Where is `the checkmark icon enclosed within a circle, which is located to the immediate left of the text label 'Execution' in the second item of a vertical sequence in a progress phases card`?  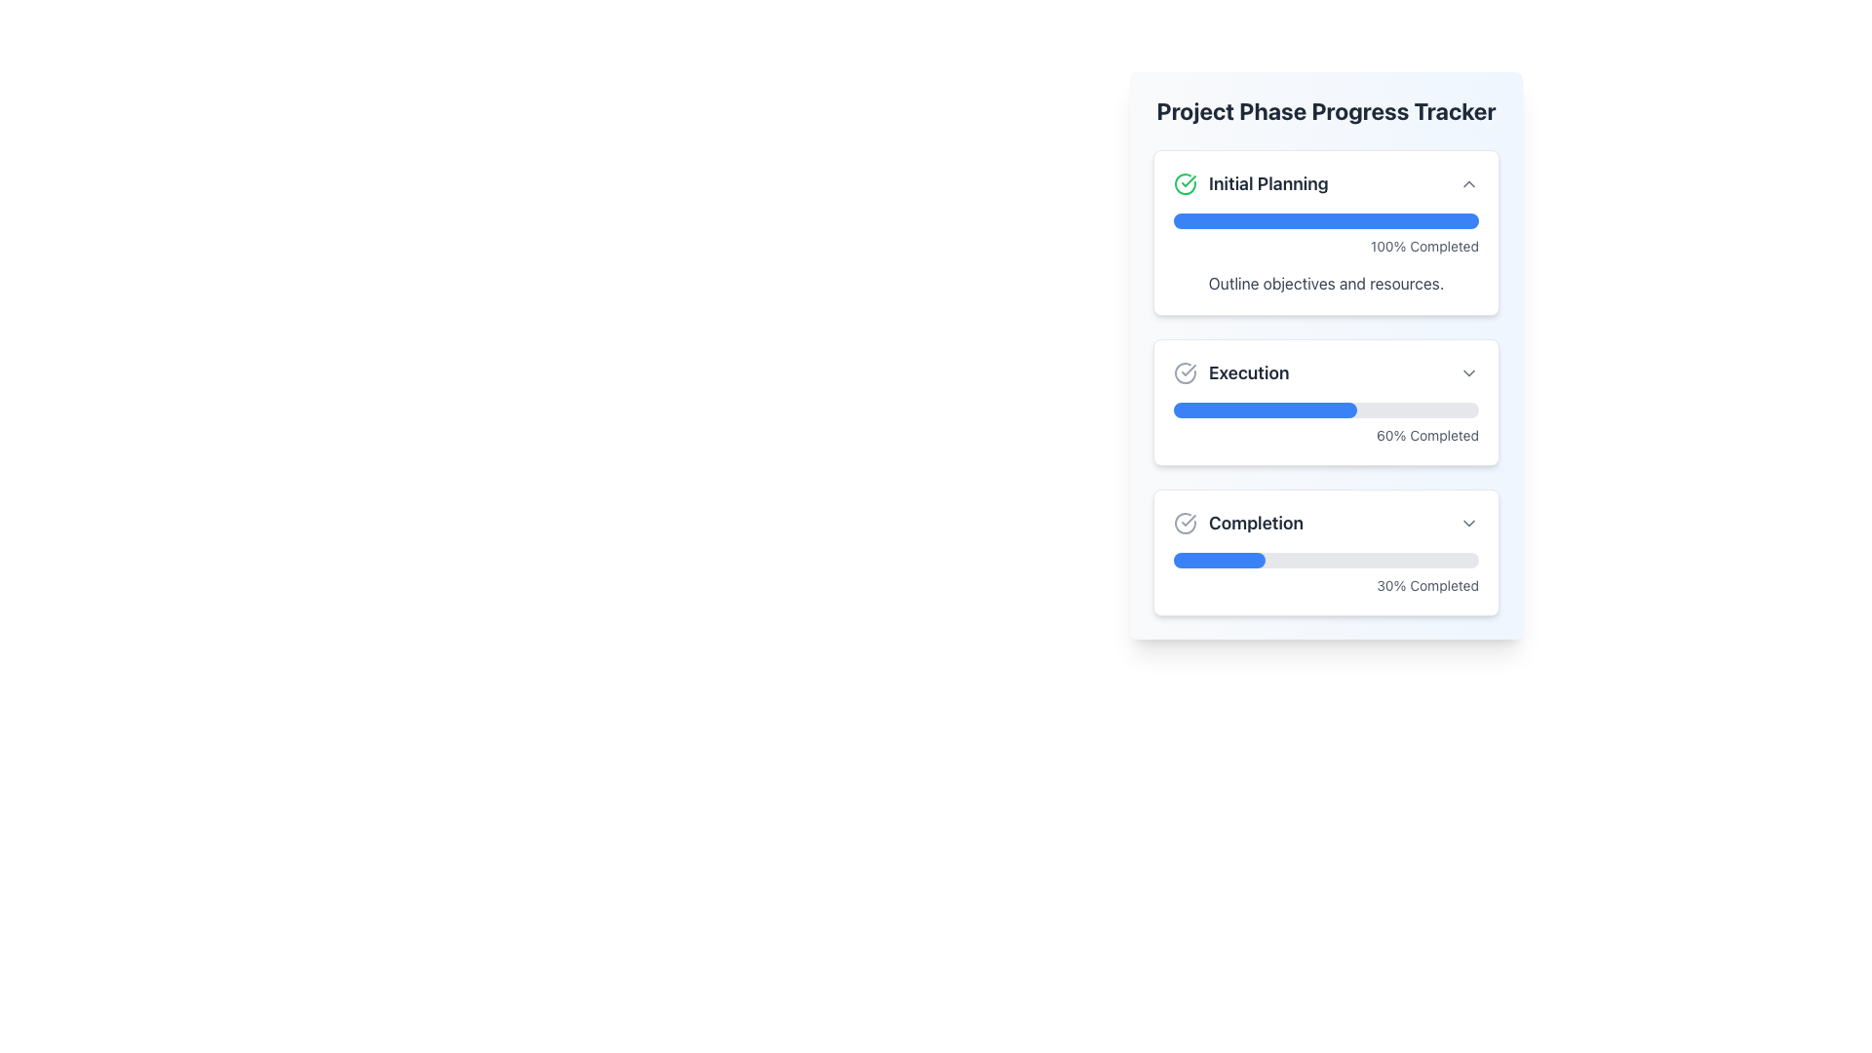 the checkmark icon enclosed within a circle, which is located to the immediate left of the text label 'Execution' in the second item of a vertical sequence in a progress phases card is located at coordinates (1184, 372).